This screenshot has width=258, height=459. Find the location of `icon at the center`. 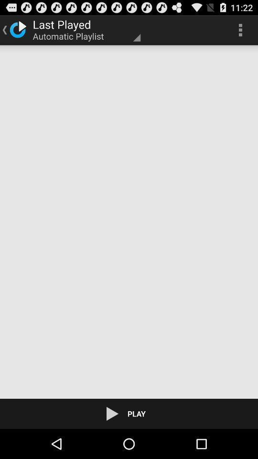

icon at the center is located at coordinates (129, 222).